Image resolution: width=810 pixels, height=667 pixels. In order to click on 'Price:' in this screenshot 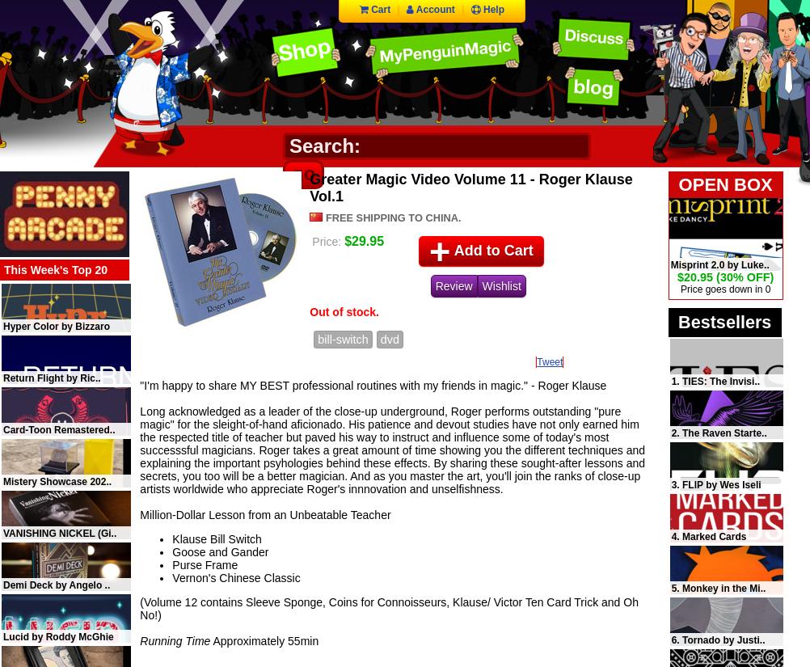, I will do `click(311, 241)`.